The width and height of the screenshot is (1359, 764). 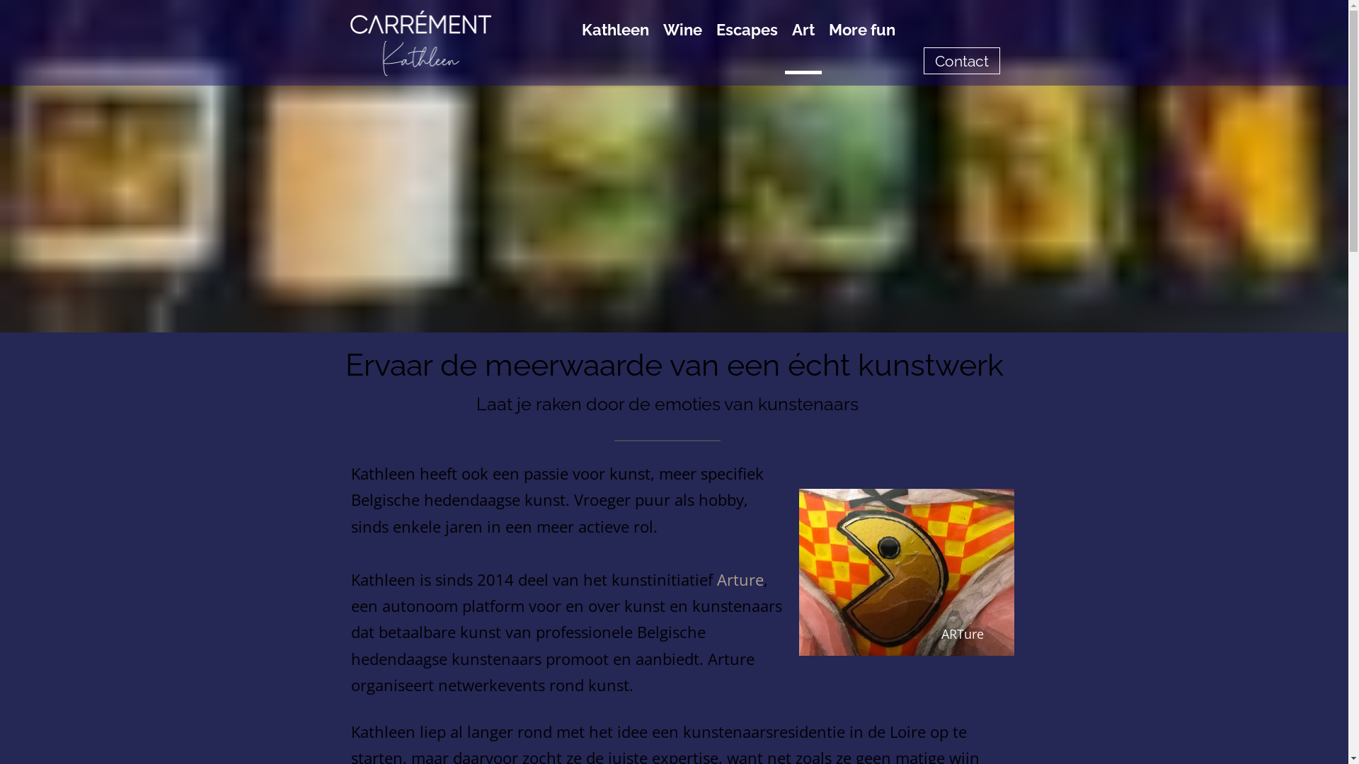 What do you see at coordinates (802, 42) in the screenshot?
I see `'Art'` at bounding box center [802, 42].